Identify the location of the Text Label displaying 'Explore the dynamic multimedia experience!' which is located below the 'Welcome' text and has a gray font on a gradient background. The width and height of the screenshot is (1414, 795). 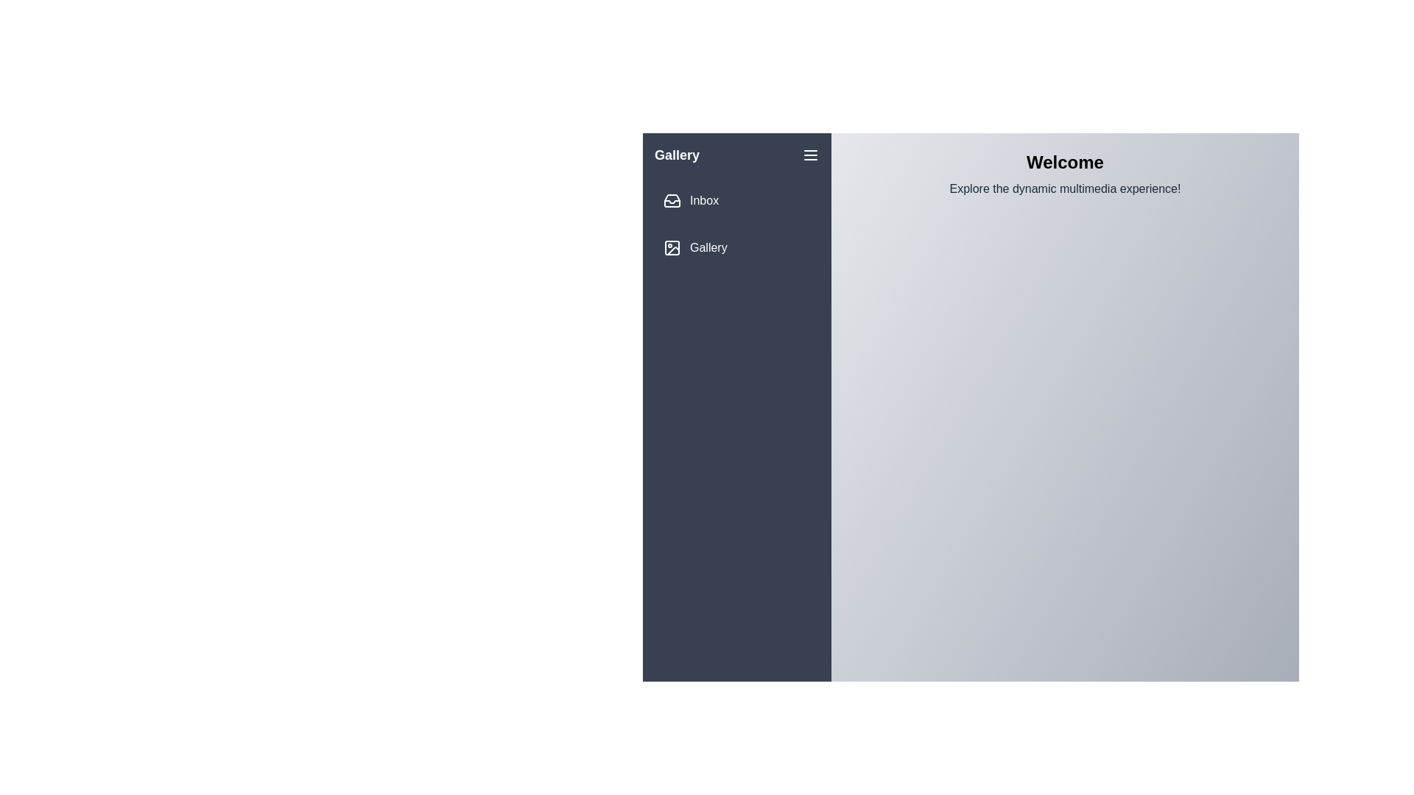
(1065, 188).